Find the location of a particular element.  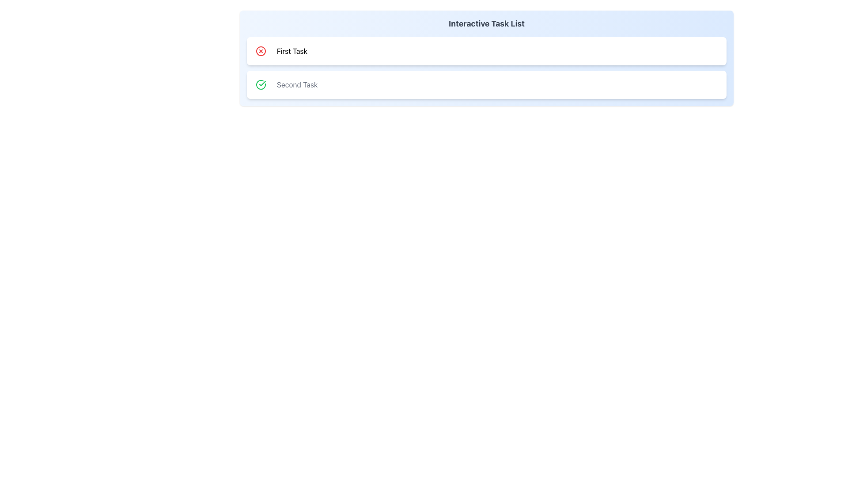

the completion status icon located to the left of the 'Second Task' text in the task list interface to interact with the task is located at coordinates (260, 85).